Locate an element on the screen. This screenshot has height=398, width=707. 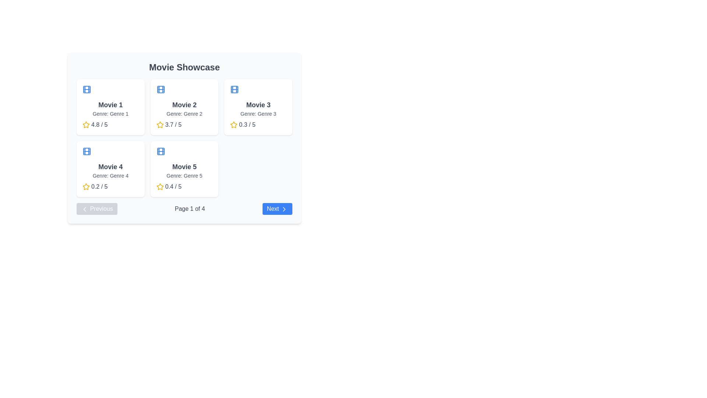
the rating text label for 'Movie 3' located in the top-right of the 'Movie Showcase' grid is located at coordinates (247, 125).